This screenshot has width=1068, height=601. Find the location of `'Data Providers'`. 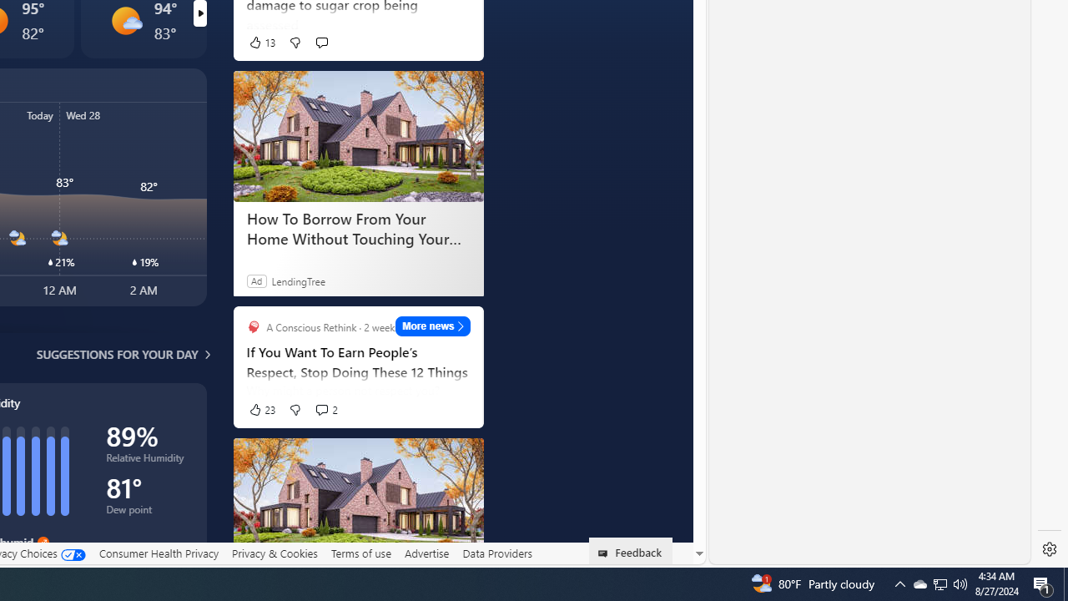

'Data Providers' is located at coordinates (496, 553).